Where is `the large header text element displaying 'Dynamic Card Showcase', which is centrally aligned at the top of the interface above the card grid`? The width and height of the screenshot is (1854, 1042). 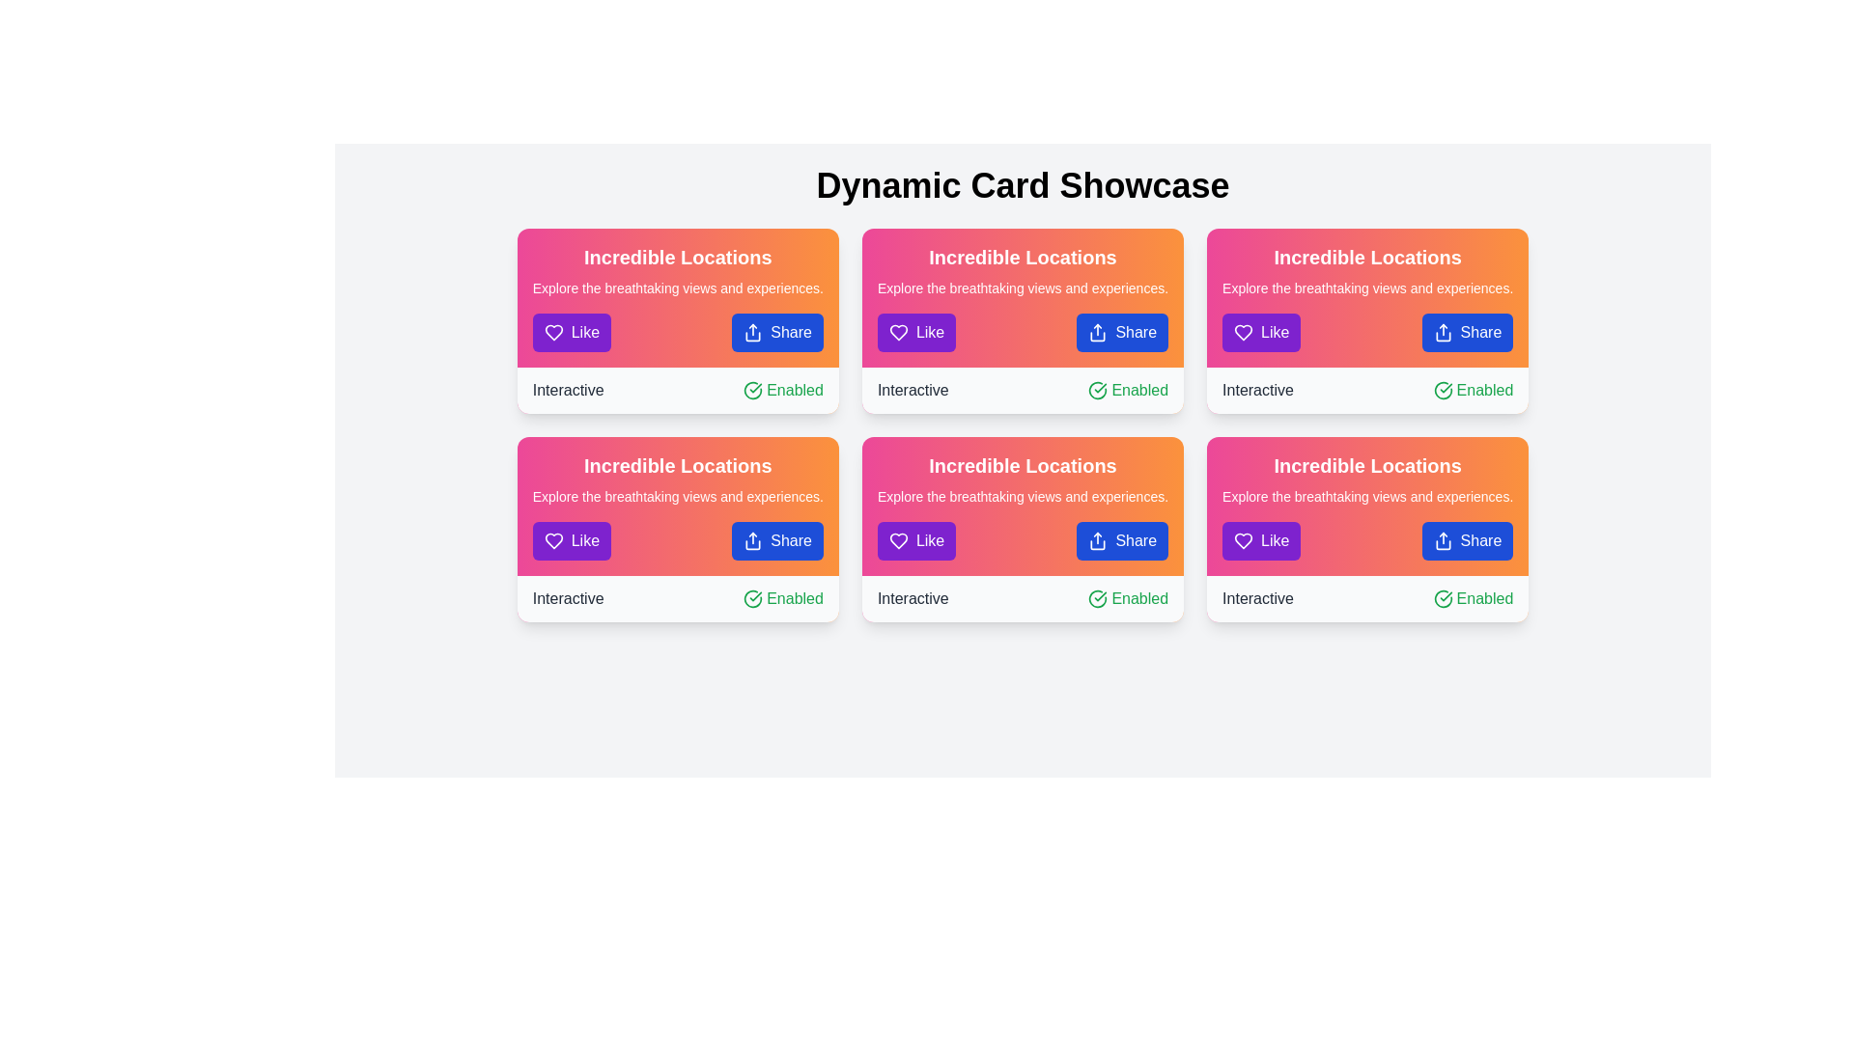 the large header text element displaying 'Dynamic Card Showcase', which is centrally aligned at the top of the interface above the card grid is located at coordinates (1022, 185).